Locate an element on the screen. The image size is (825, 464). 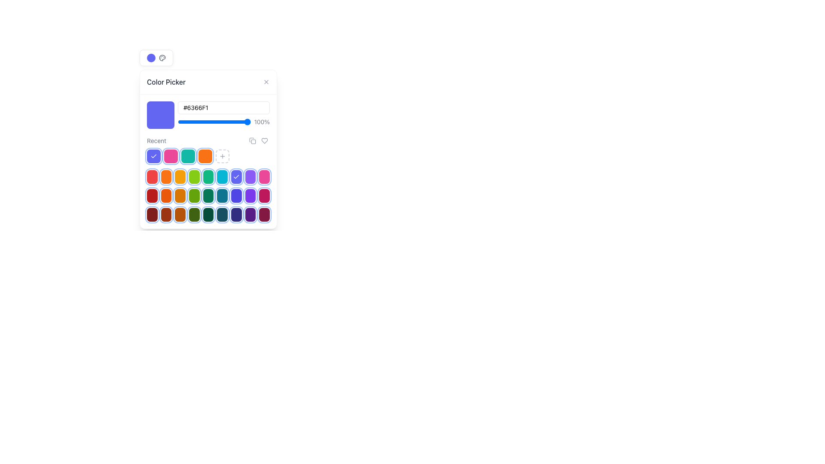
the heart icon located in the top-right portion of the 'Recent' section within the color picker interface to mark the color as favorite is located at coordinates (258, 140).